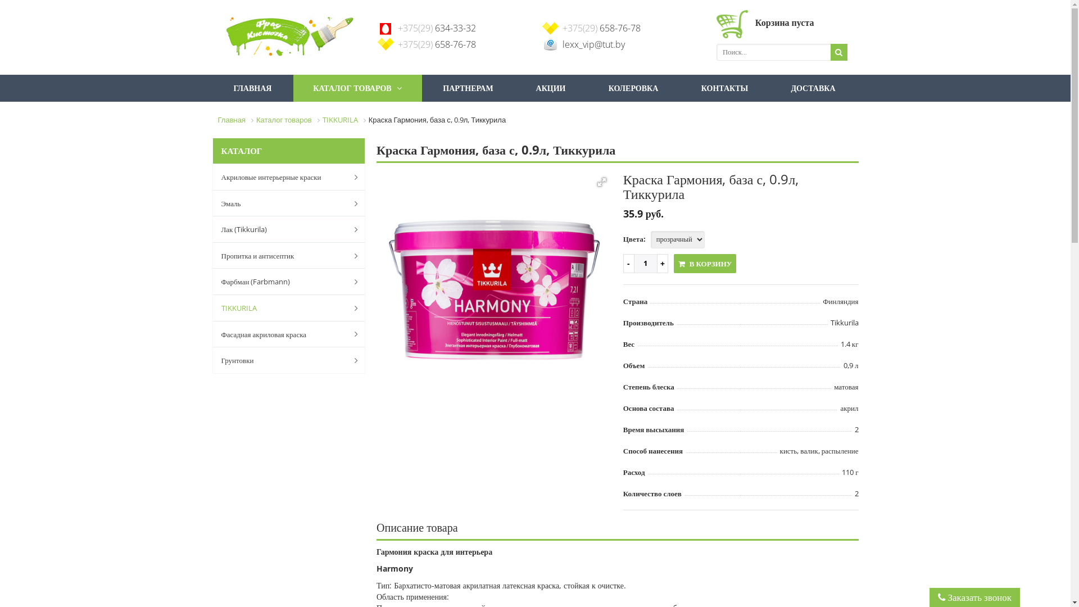 This screenshot has height=607, width=1079. Describe the element at coordinates (561, 28) in the screenshot. I see `'+375(29) 658-76-78'` at that location.